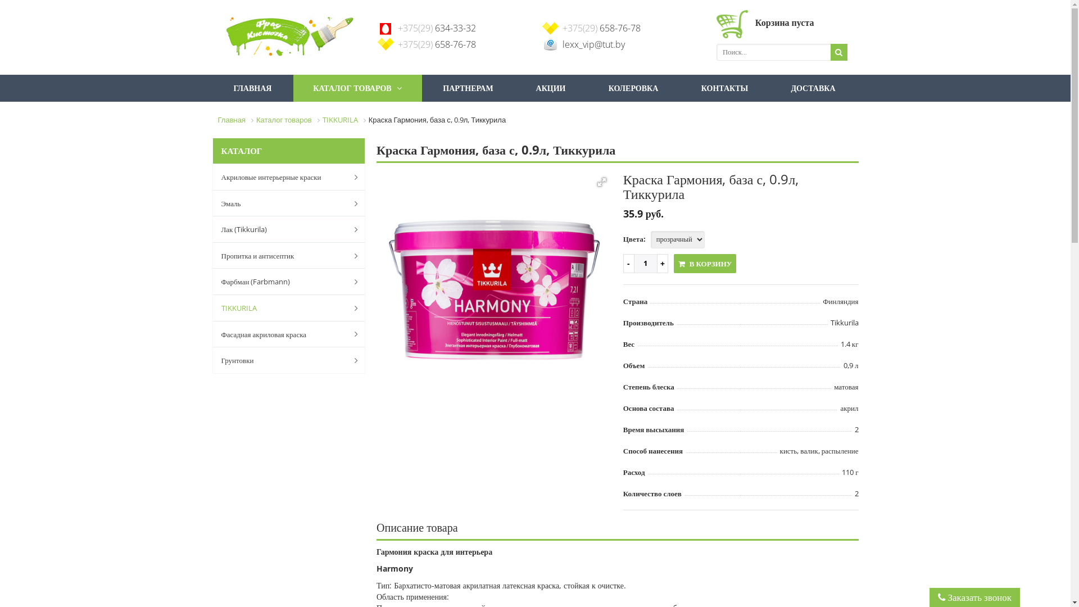 This screenshot has height=607, width=1079. Describe the element at coordinates (561, 28) in the screenshot. I see `'+375(29) 658-76-78'` at that location.